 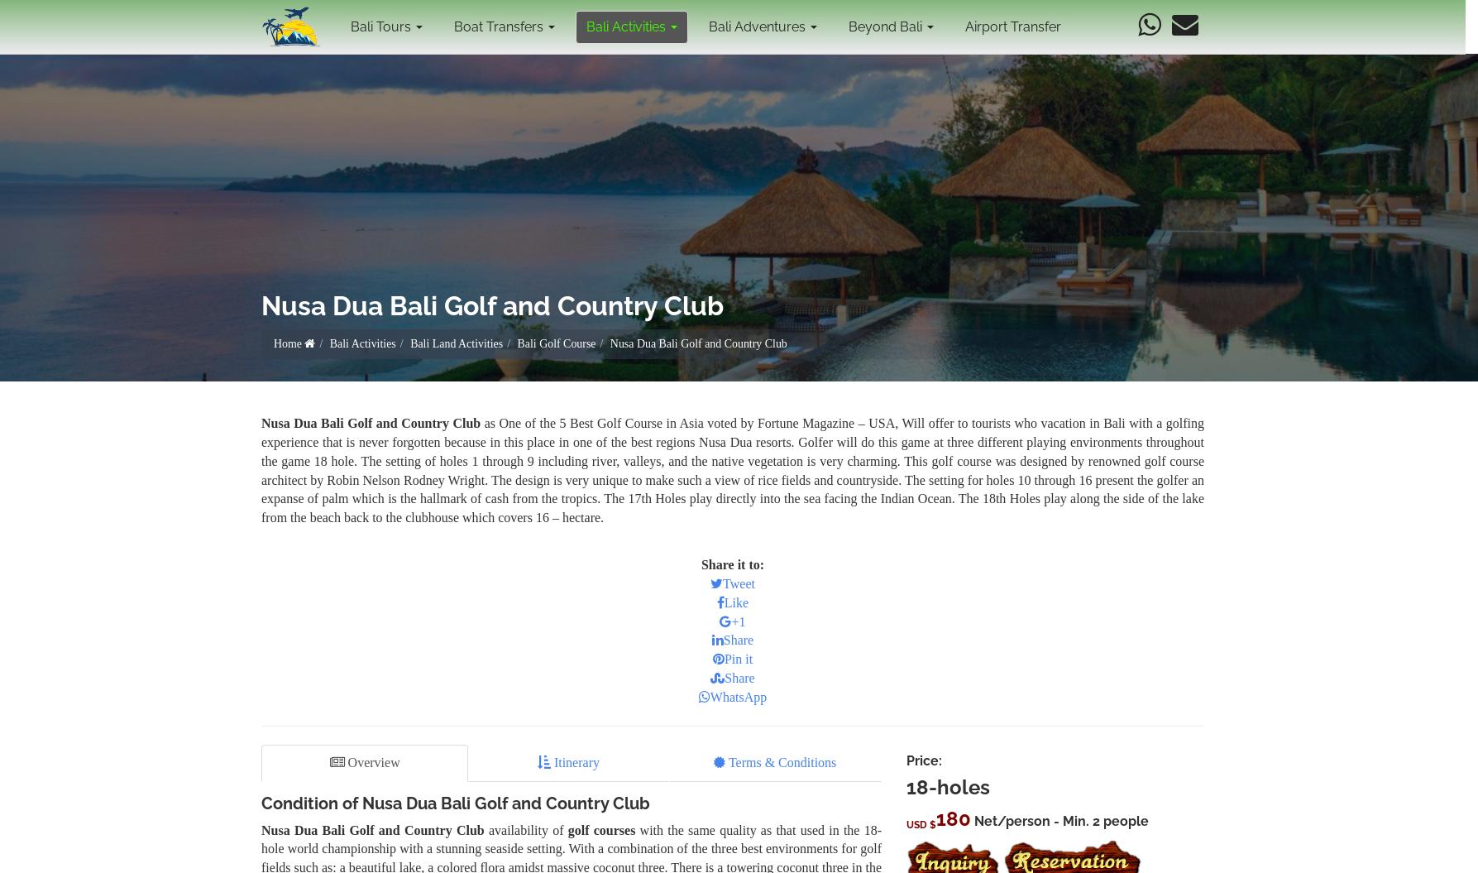 I want to click on 'Net/person - Min. 2 people', so click(x=971, y=820).